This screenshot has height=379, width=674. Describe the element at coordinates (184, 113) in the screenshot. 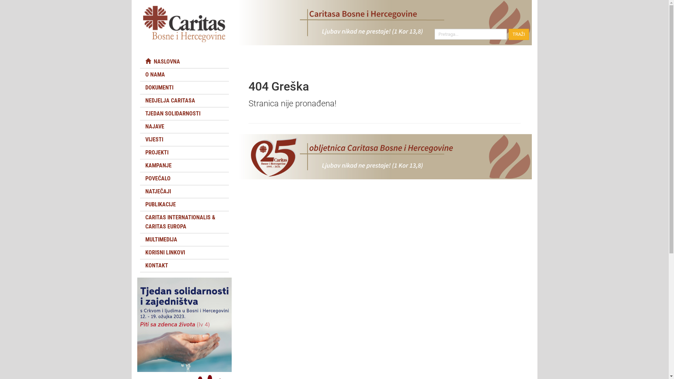

I see `'TJEDAN SOLIDARNOSTI'` at that location.